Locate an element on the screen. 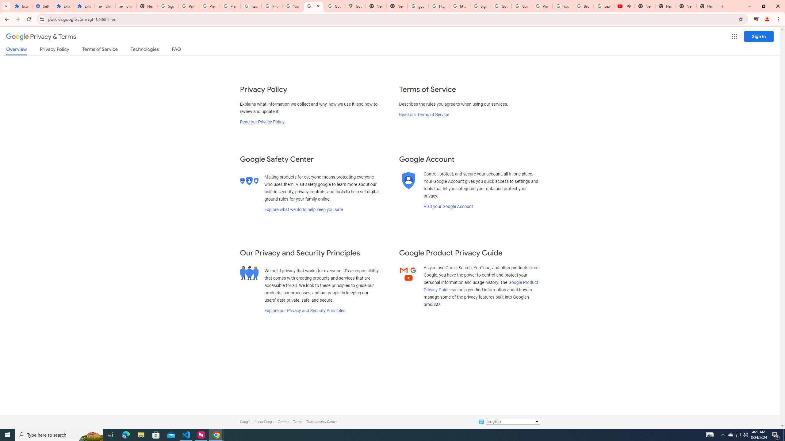 This screenshot has height=441, width=785. 'Chrome Web Store' is located at coordinates (105, 6).